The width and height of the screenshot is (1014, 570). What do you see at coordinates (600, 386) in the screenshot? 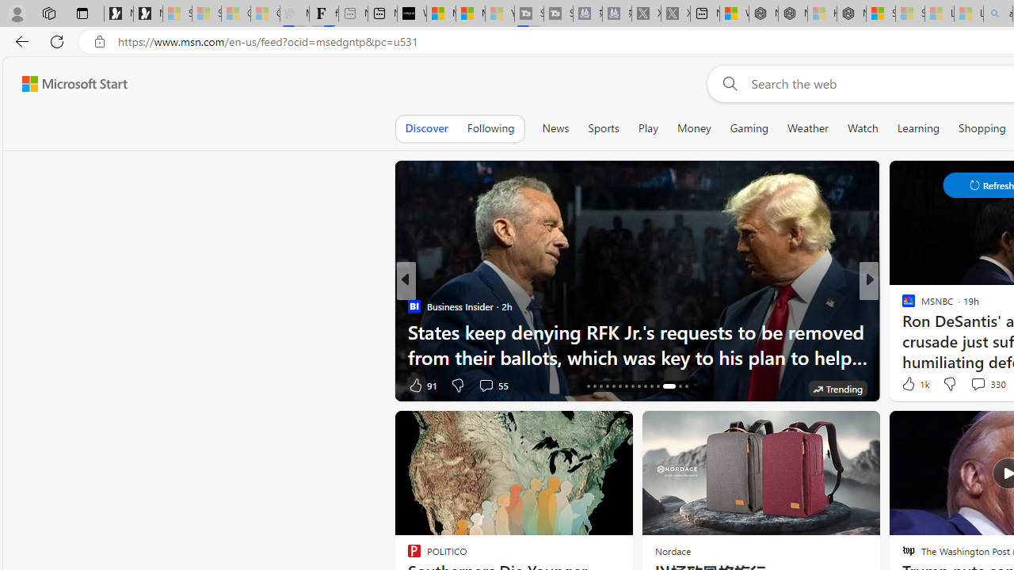
I see `'AutomationID: tab-18'` at bounding box center [600, 386].